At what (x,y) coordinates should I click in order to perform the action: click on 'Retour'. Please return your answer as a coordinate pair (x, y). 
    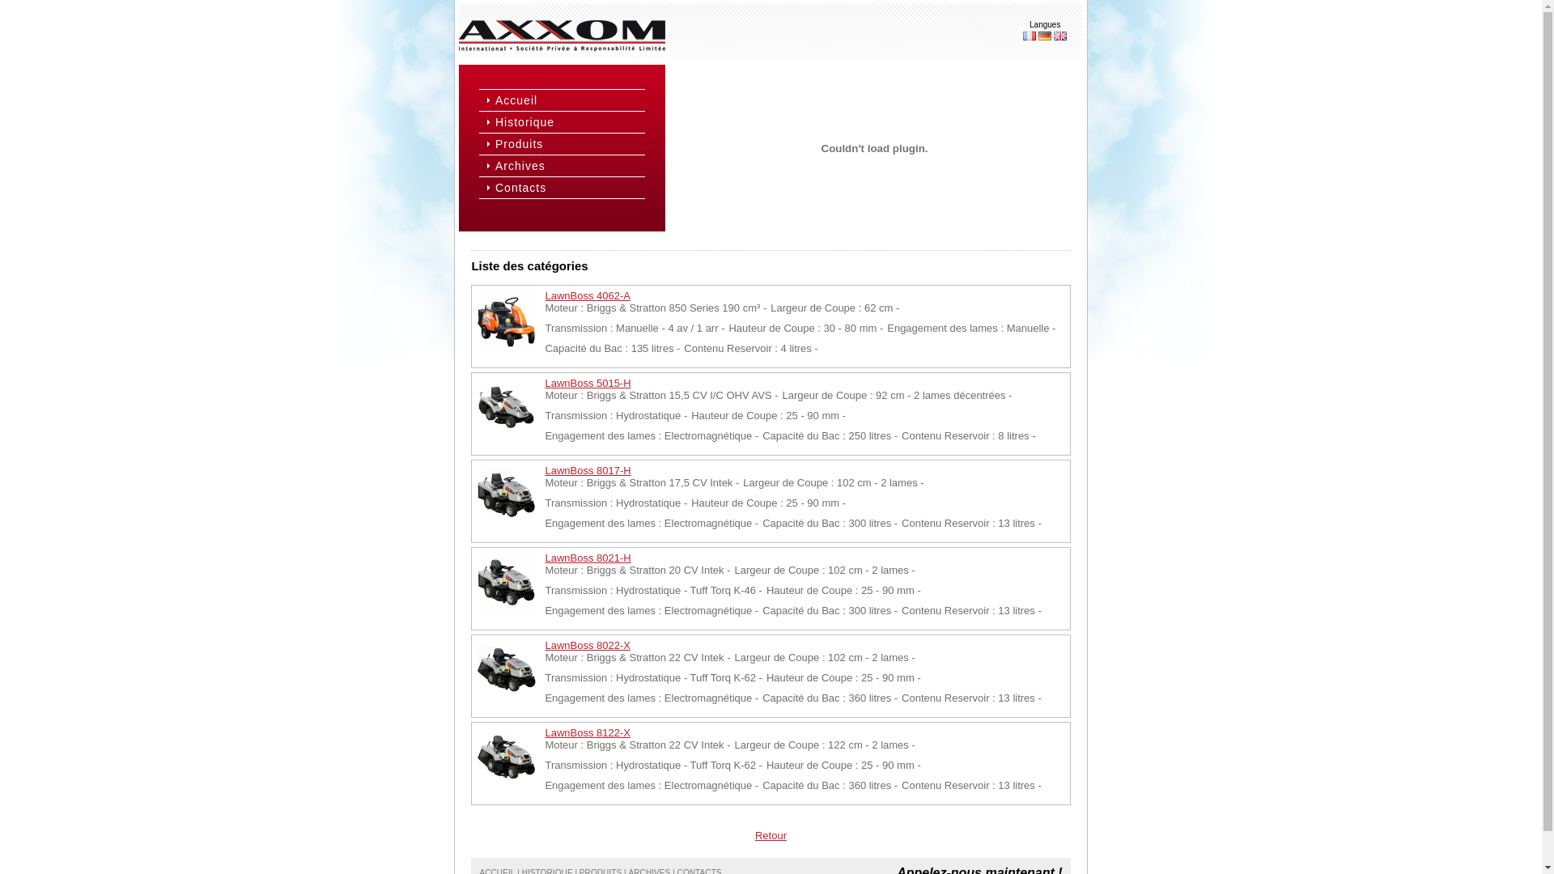
    Looking at the image, I should click on (770, 835).